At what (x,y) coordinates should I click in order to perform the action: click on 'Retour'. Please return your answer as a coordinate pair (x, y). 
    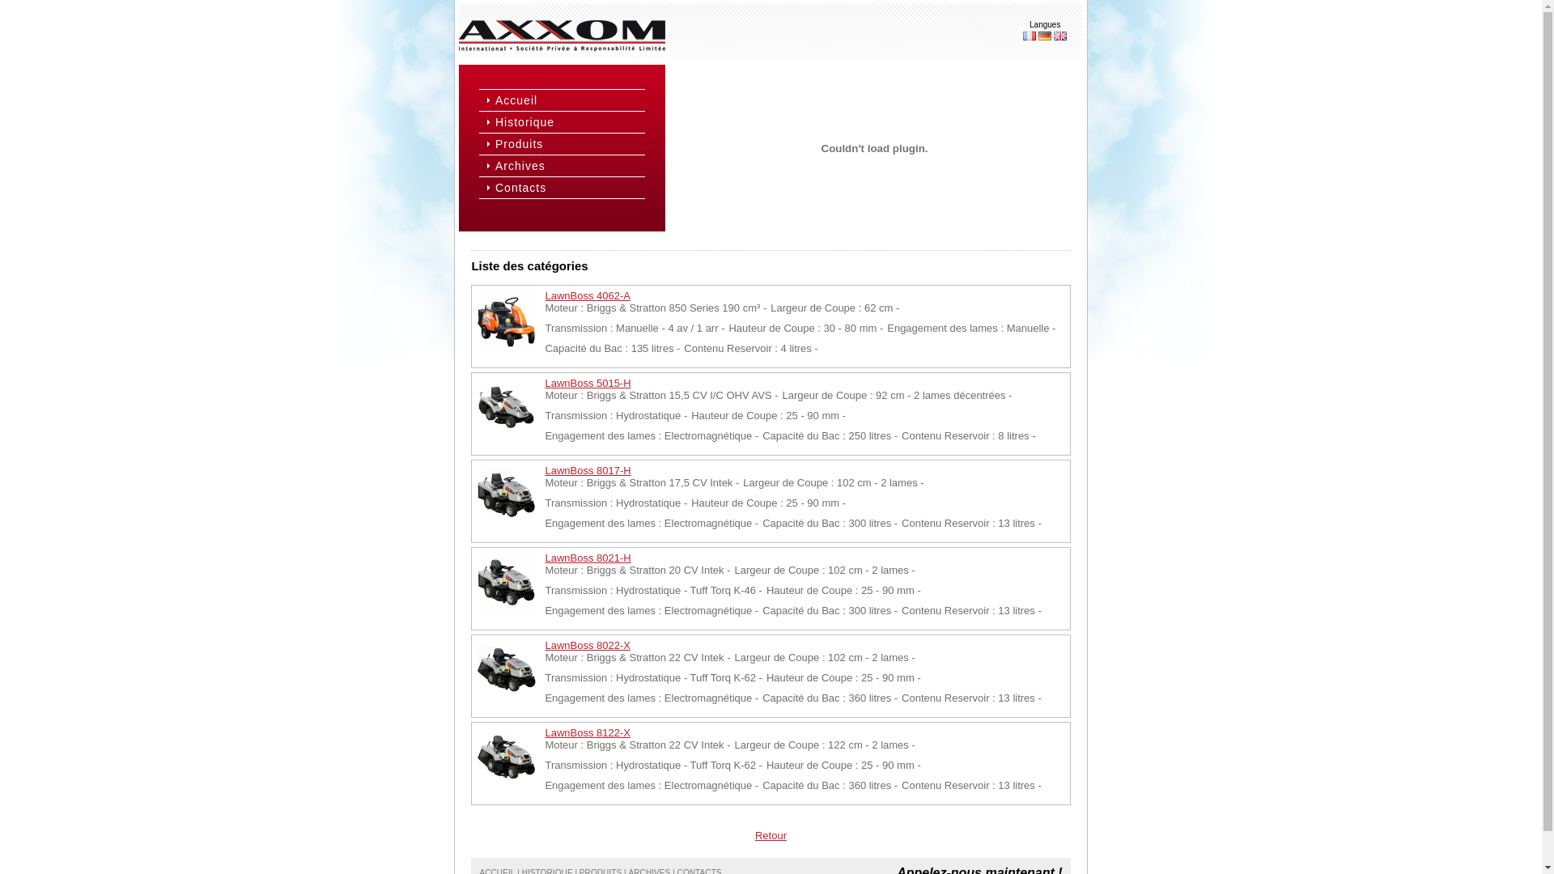
    Looking at the image, I should click on (770, 835).